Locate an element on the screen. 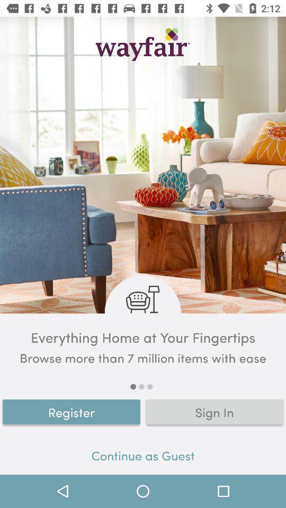 The height and width of the screenshot is (508, 286). sign in at the bottom right corner is located at coordinates (215, 411).